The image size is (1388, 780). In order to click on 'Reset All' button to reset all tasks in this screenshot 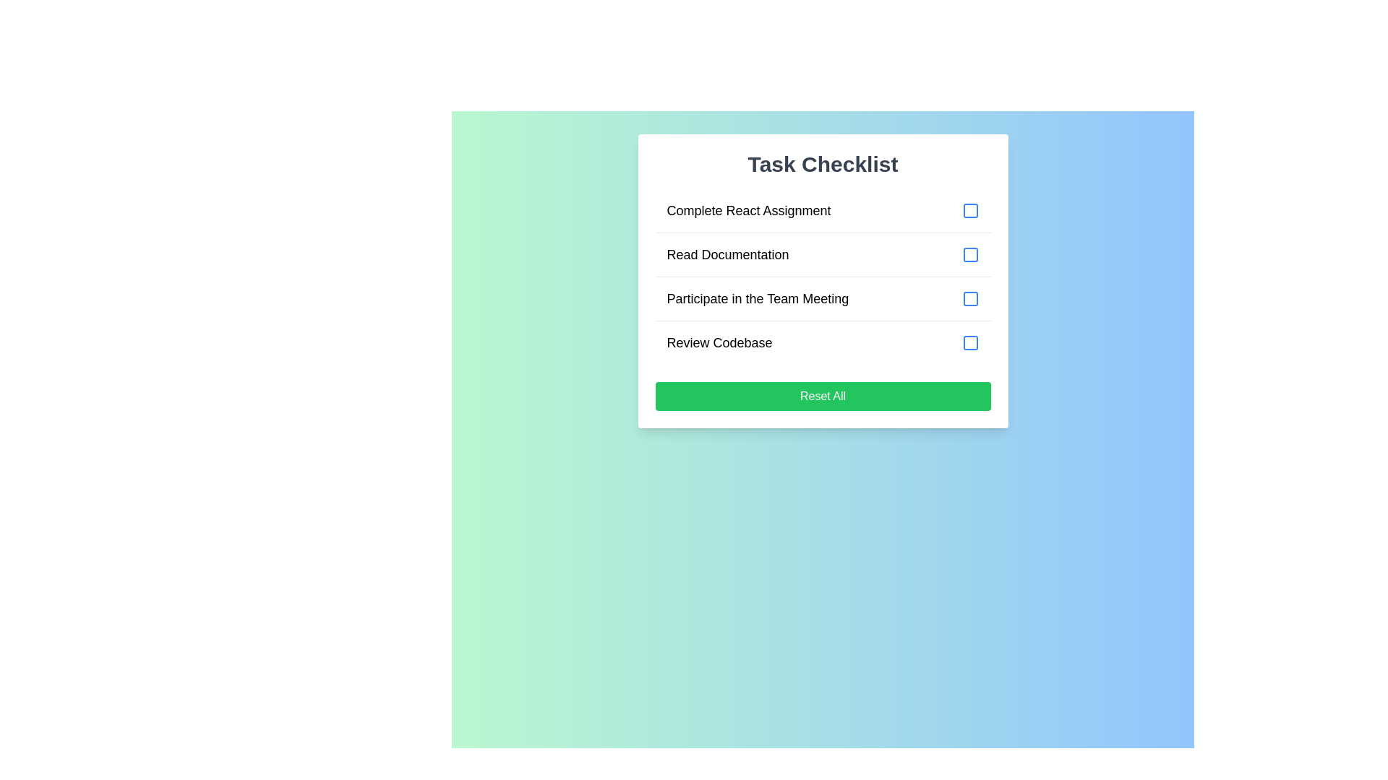, I will do `click(823, 396)`.